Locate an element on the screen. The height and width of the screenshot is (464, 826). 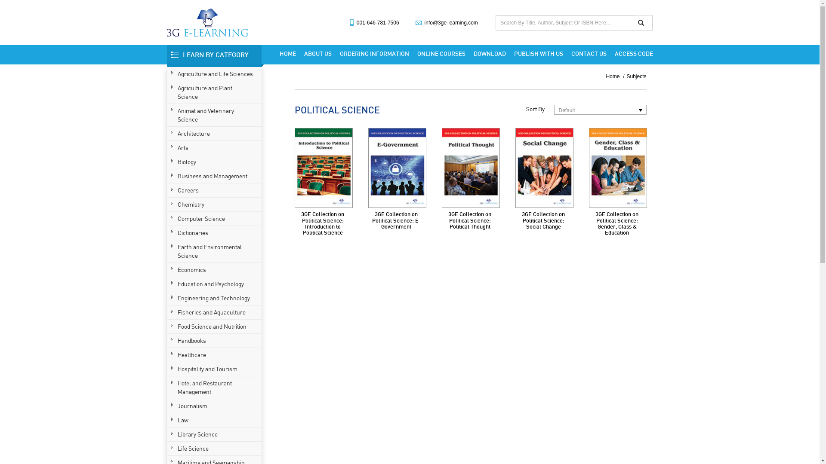
'ABOUT US' is located at coordinates (300, 53).